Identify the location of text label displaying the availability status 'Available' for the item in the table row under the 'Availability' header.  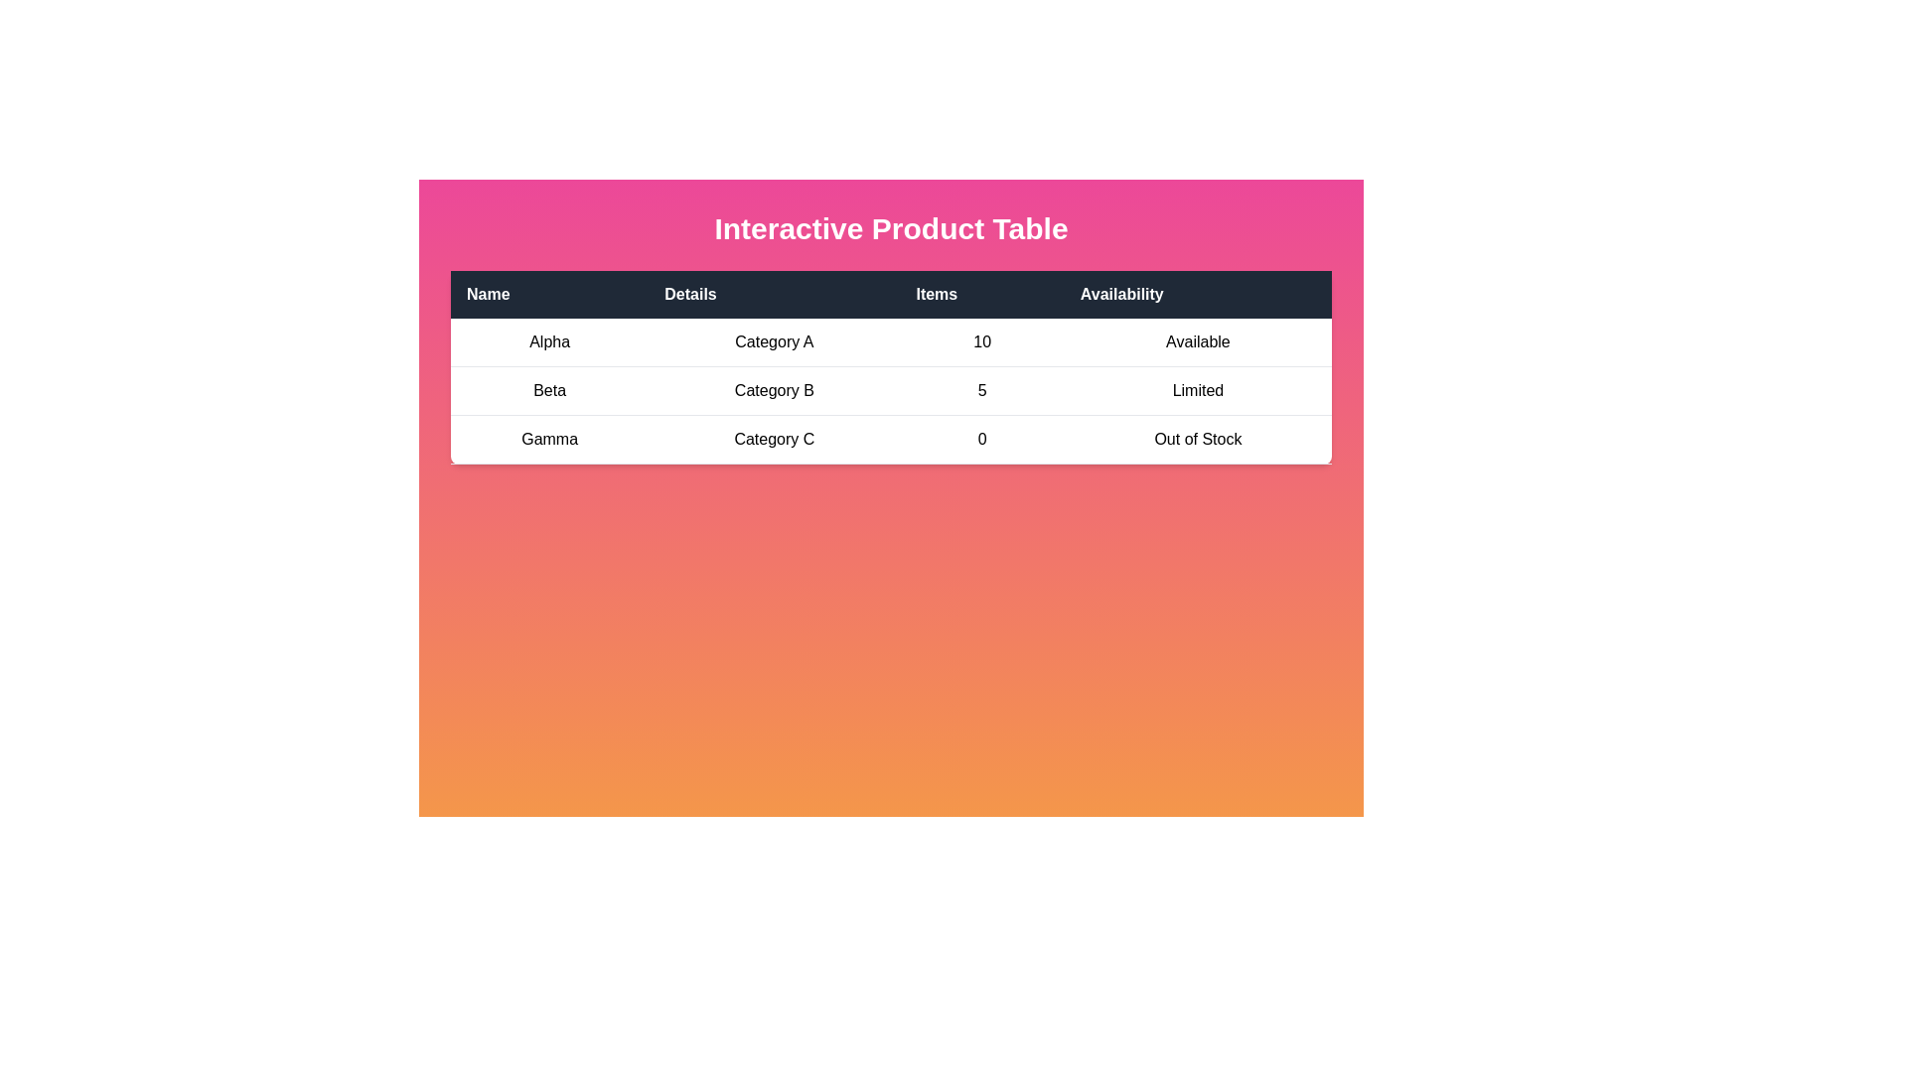
(1197, 341).